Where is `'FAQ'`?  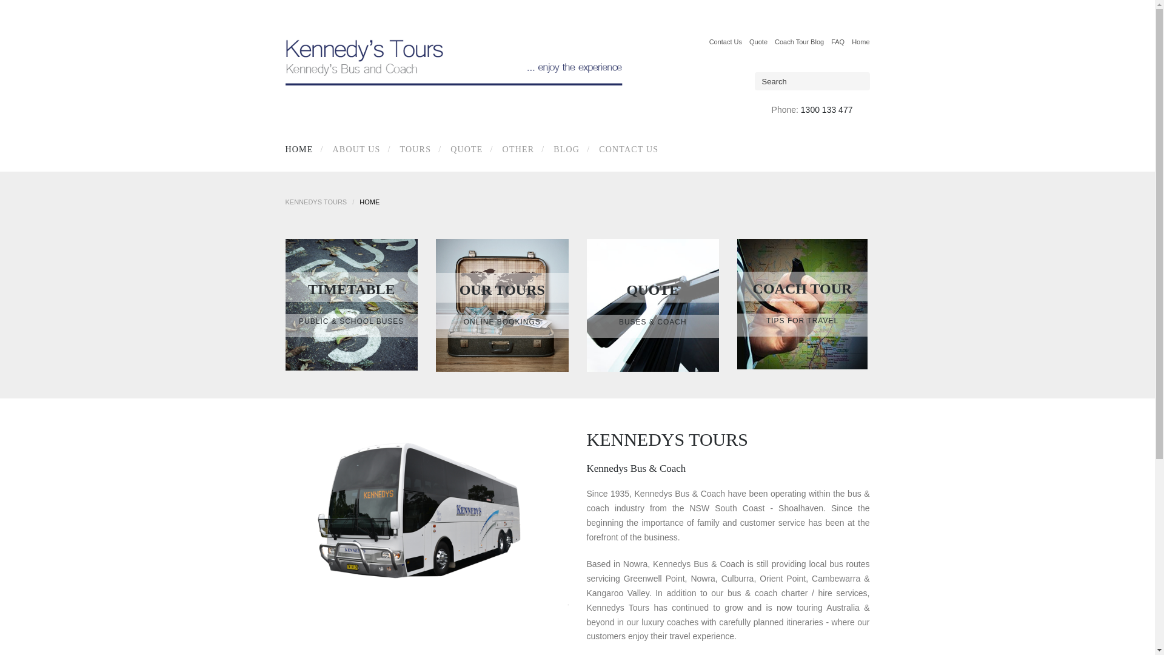 'FAQ' is located at coordinates (837, 41).